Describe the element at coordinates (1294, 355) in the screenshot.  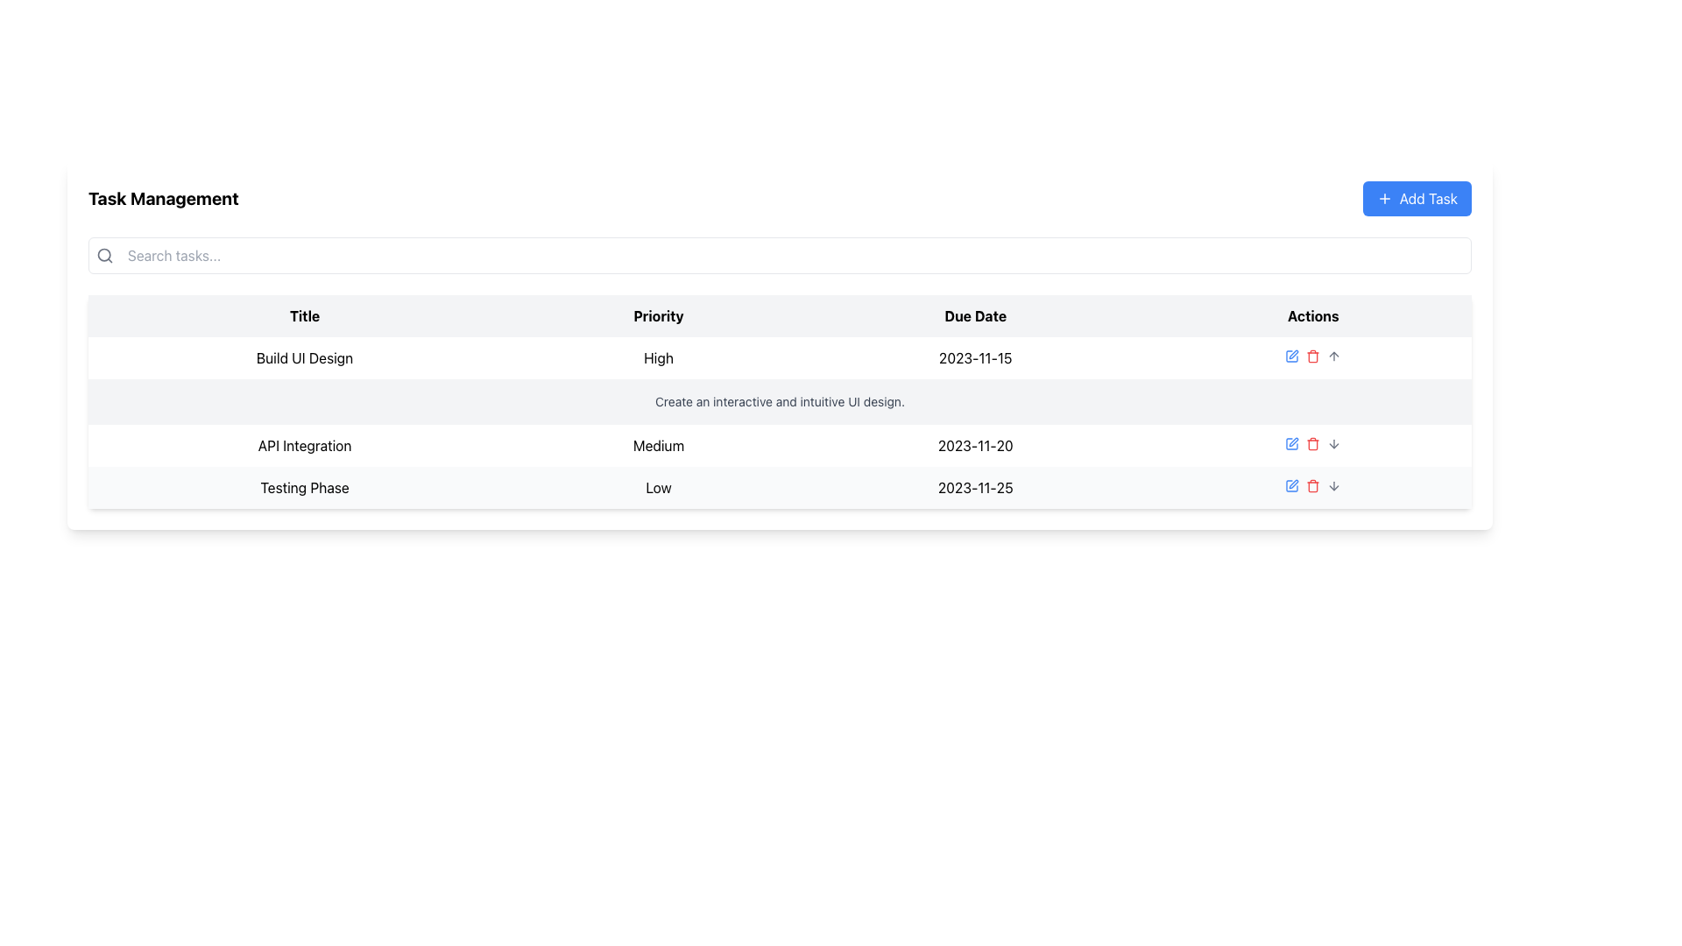
I see `the editing icon located in the 'Actions' column of the second row for 'API Integration' to initiate editing` at that location.